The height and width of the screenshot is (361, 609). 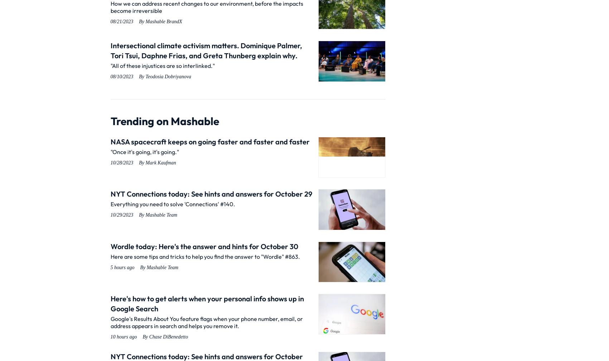 I want to click on 'Google's Results About You feature flags when your phone number, email, or address appears in search and helps you remove it.', so click(x=206, y=322).